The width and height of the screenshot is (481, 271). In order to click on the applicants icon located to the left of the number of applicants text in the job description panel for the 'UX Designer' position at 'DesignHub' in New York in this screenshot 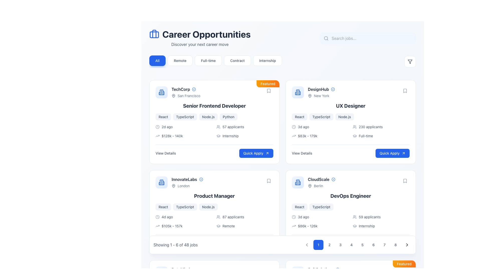, I will do `click(354, 126)`.